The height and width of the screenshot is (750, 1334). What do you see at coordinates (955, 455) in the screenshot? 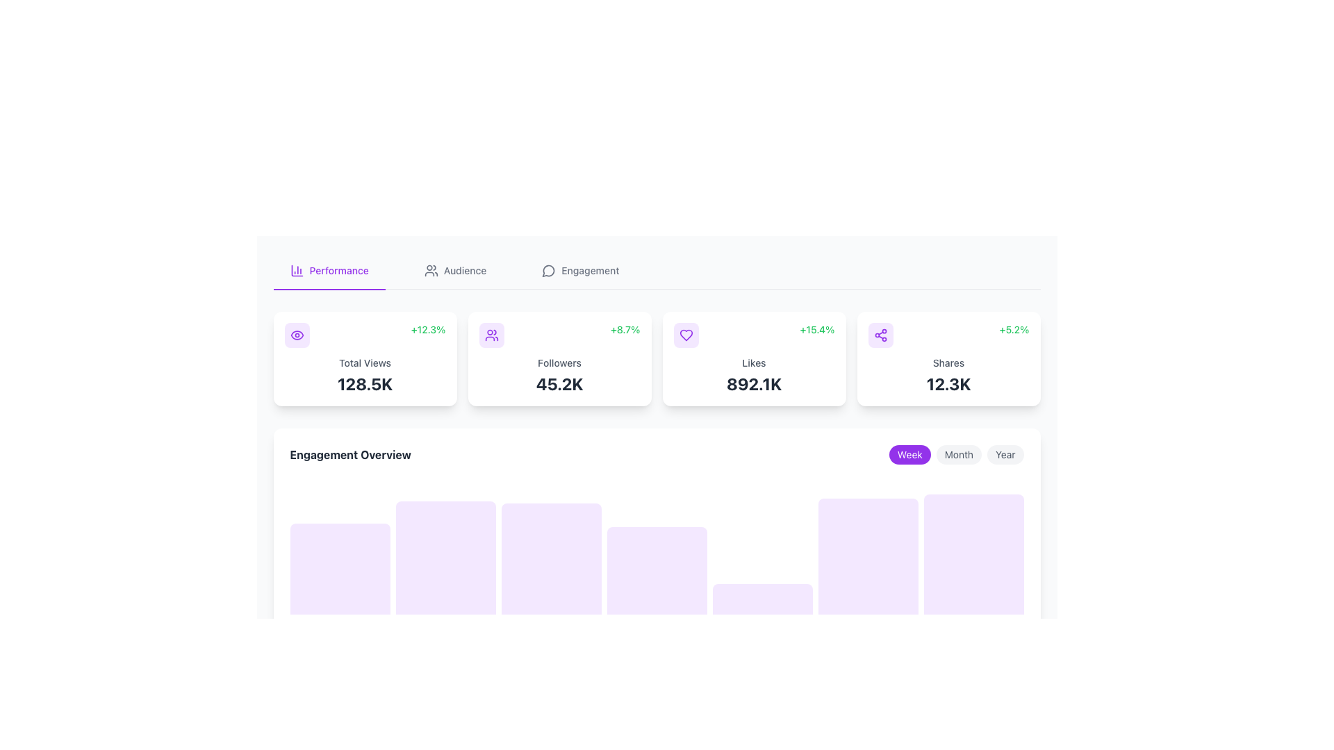
I see `each tab in the Tab group or segmented control located near the top-right corner of the Engagement Overview section` at bounding box center [955, 455].